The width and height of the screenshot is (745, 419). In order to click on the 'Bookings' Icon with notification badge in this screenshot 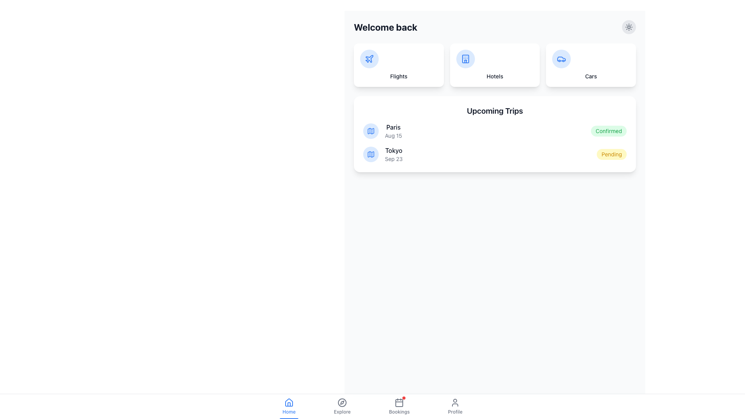, I will do `click(399, 402)`.